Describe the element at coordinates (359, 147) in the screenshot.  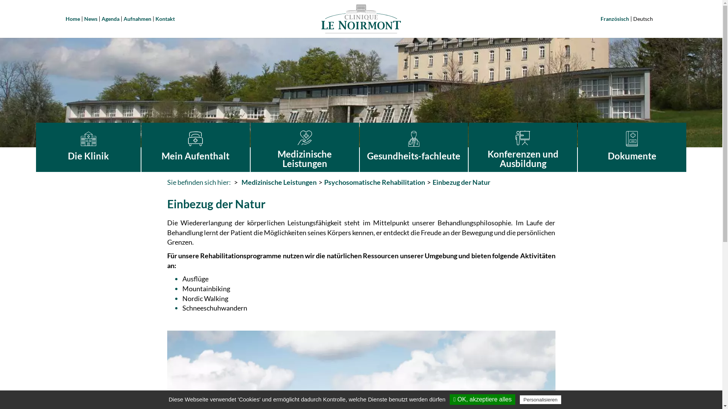
I see `'Gesundheits-fachleute'` at that location.